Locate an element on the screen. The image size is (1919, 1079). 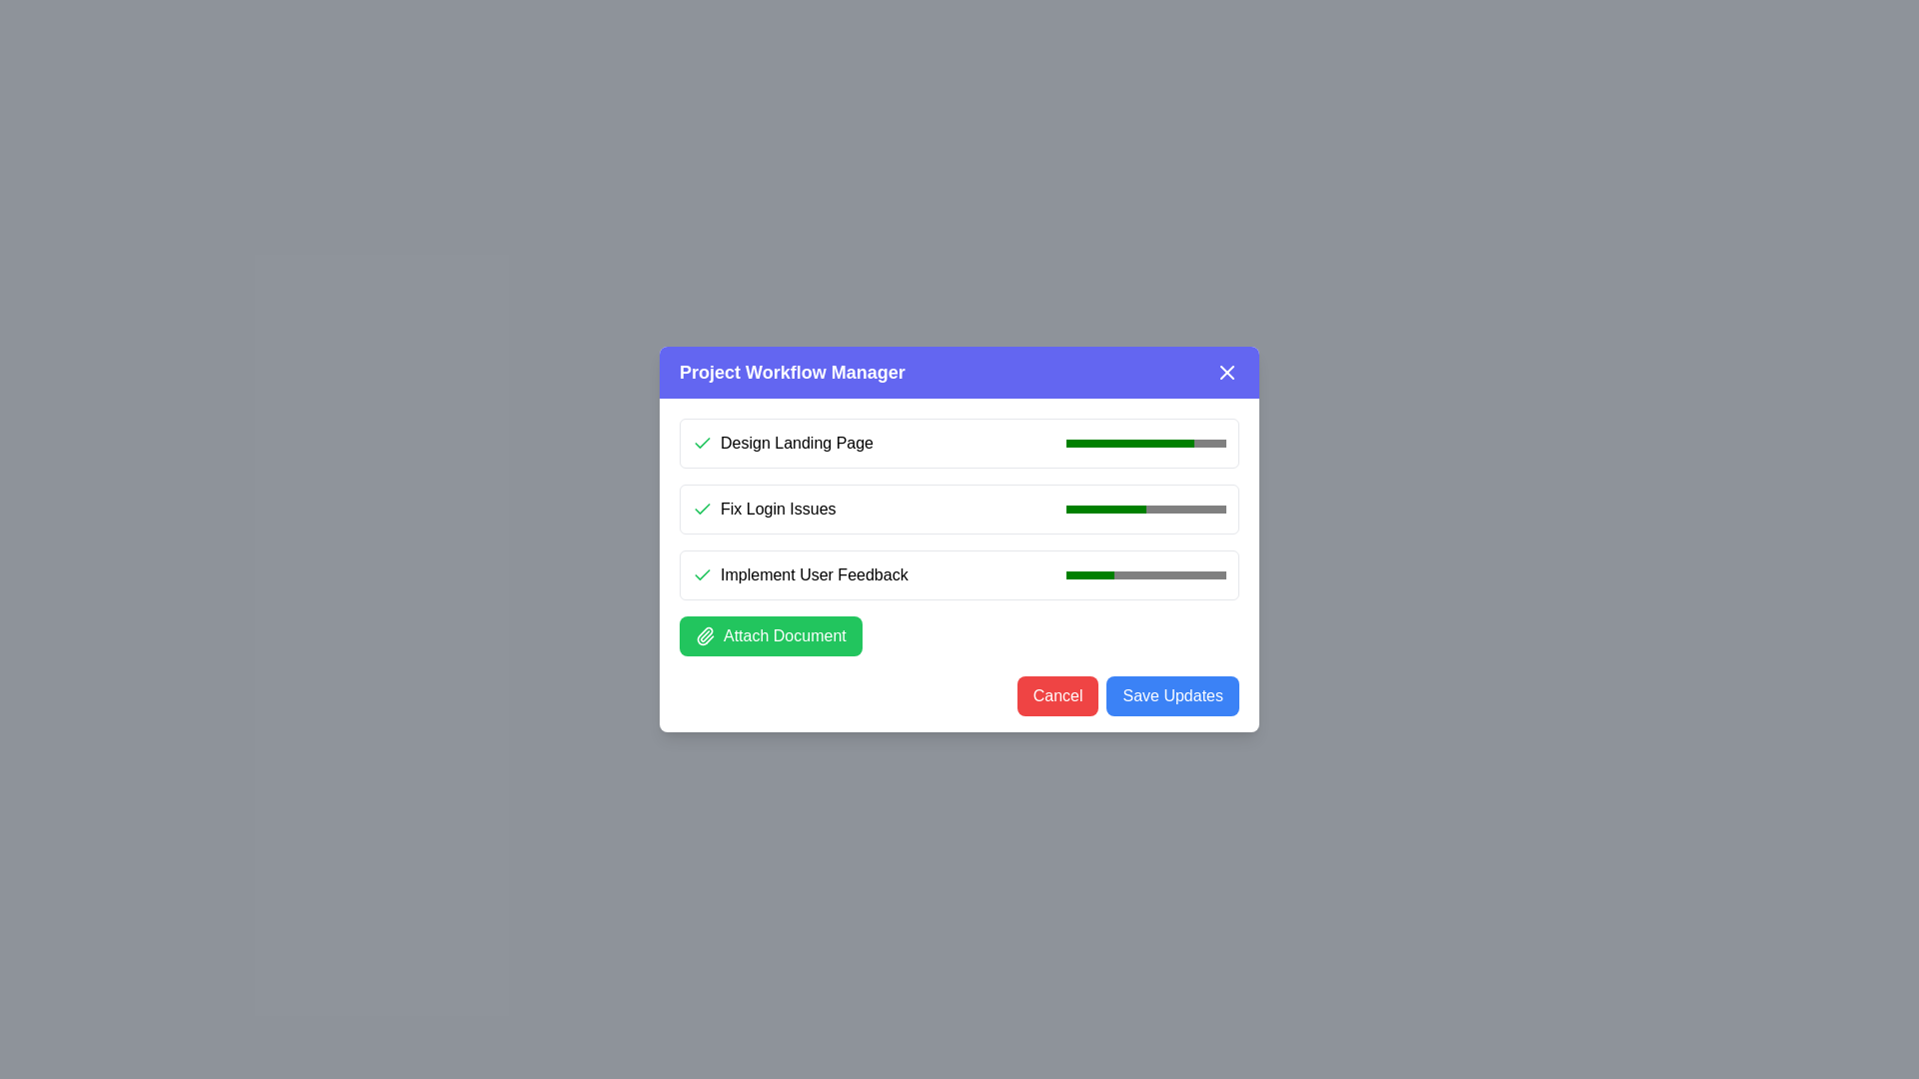
the paperclip icon within the 'Attach Document' button located at the lower-left corner of the dialog box is located at coordinates (705, 635).